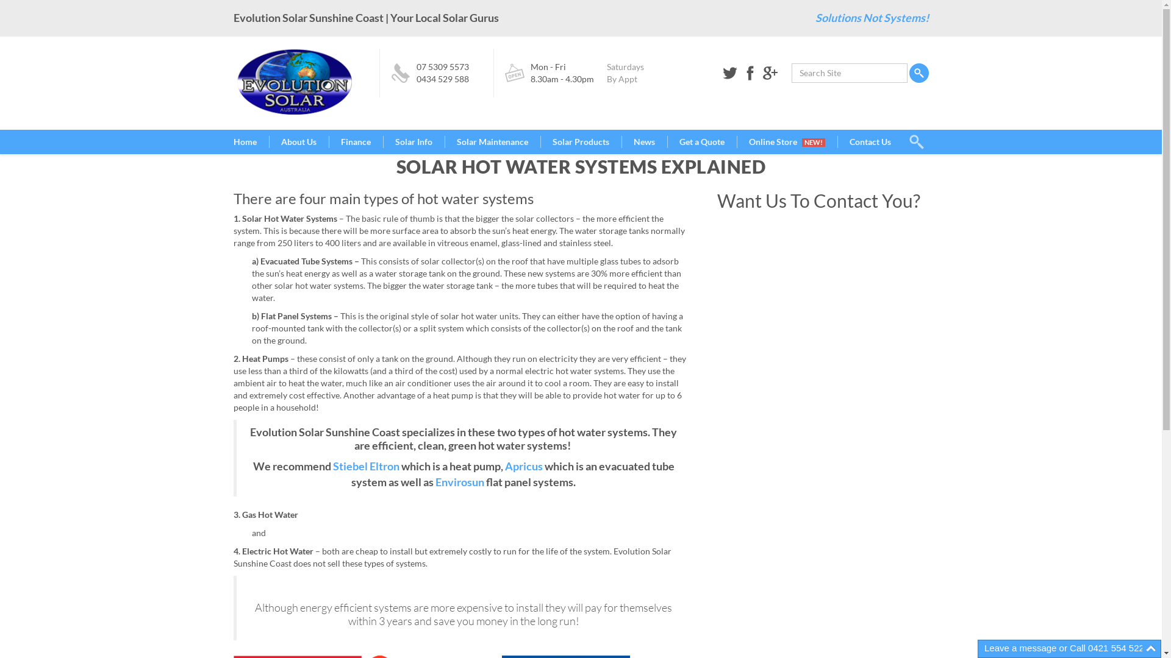 This screenshot has width=1171, height=658. I want to click on 'Online Store NEW!', so click(787, 141).